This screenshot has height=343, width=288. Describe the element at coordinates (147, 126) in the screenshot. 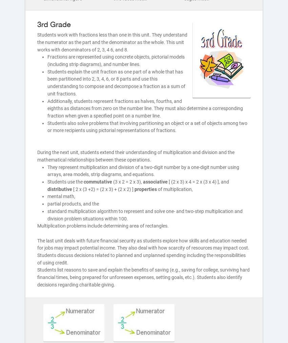

I see `'Students also solve problems that involving partitioning an object or a set of objects among two or more recipients using pictorial representations of fractions.'` at that location.